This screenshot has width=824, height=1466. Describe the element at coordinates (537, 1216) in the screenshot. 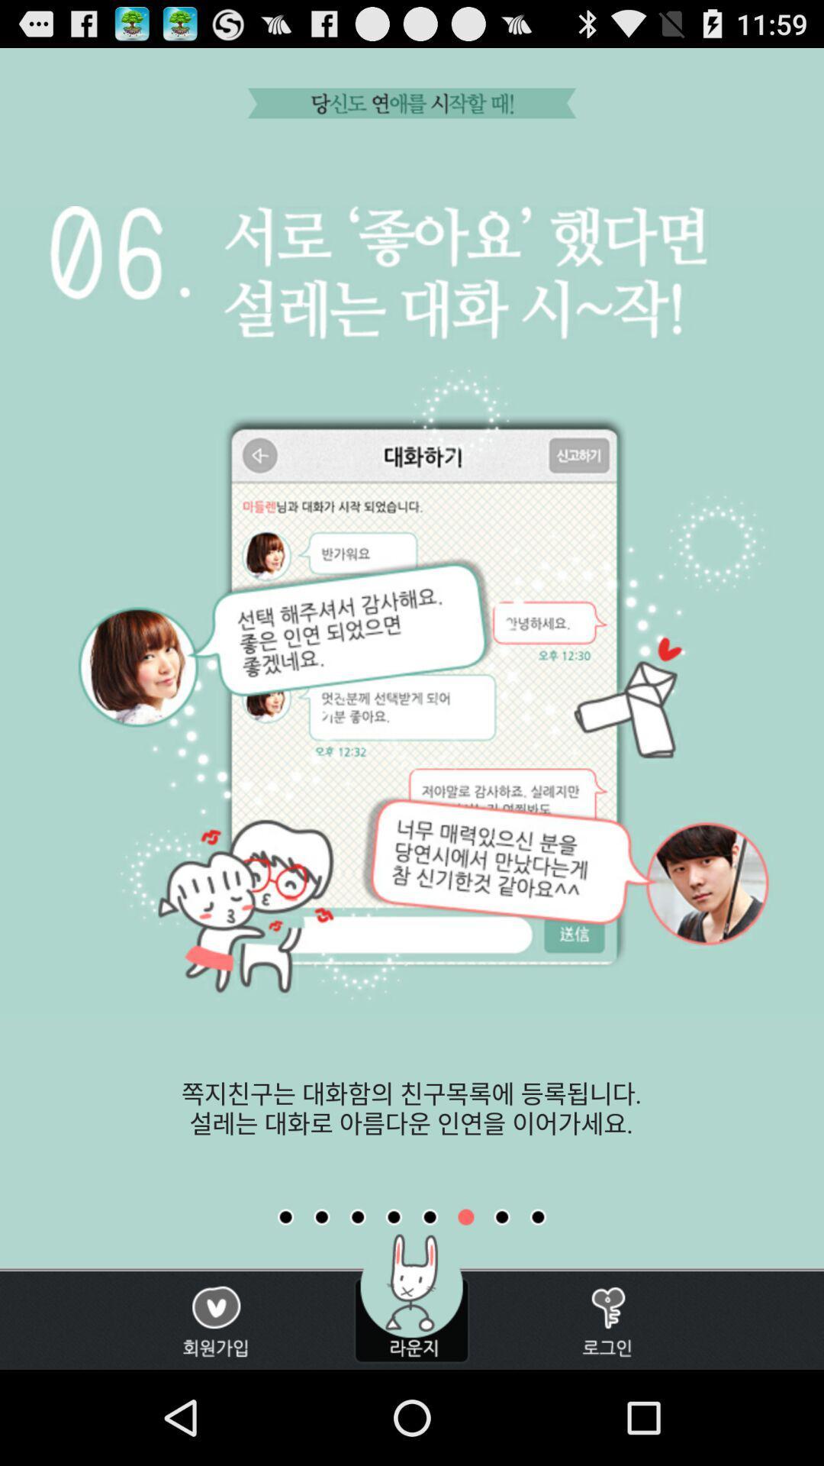

I see `go foward` at that location.